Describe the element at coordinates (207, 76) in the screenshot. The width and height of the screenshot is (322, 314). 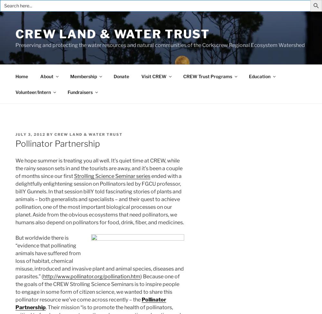
I see `'CREW Trust Programs'` at that location.